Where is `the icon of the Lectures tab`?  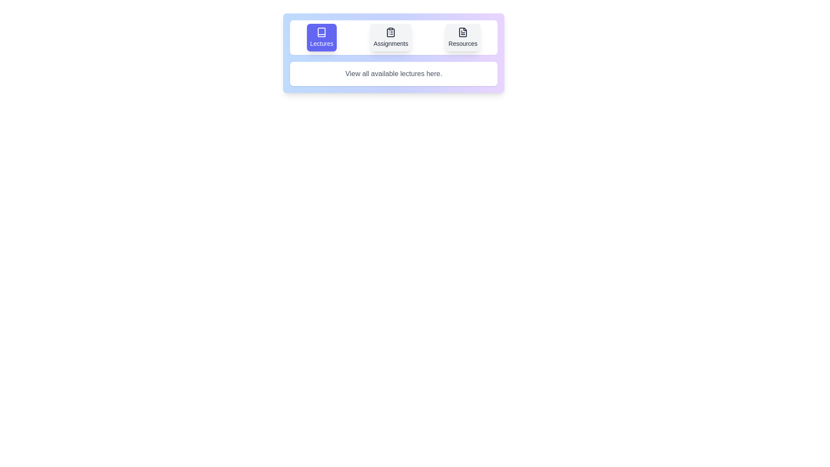 the icon of the Lectures tab is located at coordinates (321, 37).